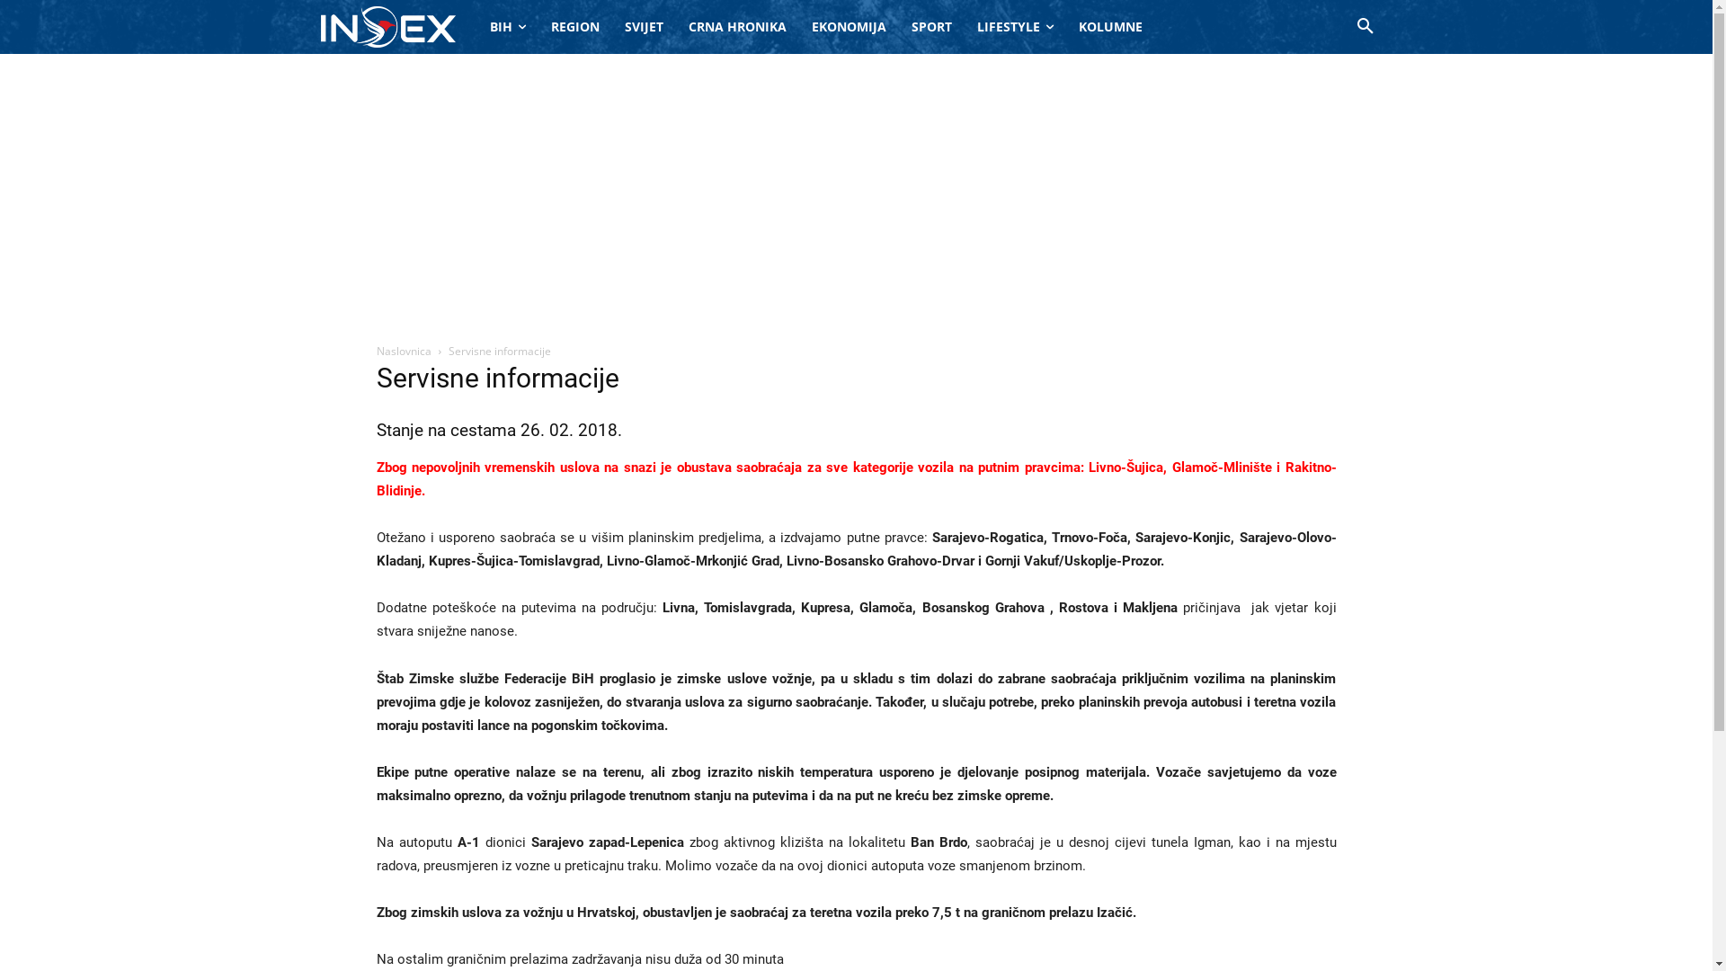 The image size is (1726, 971). What do you see at coordinates (854, 188) in the screenshot?
I see `'Advertisement'` at bounding box center [854, 188].